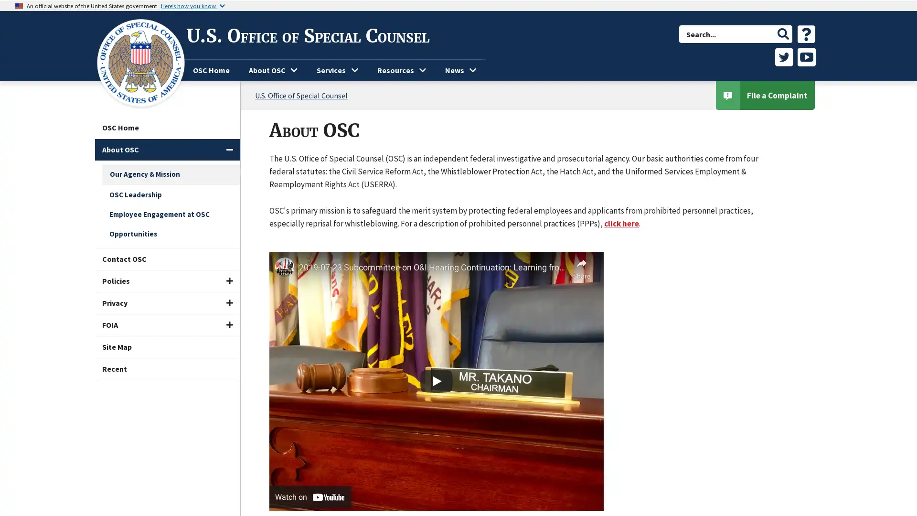 This screenshot has height=516, width=917. I want to click on Policies, so click(167, 280).